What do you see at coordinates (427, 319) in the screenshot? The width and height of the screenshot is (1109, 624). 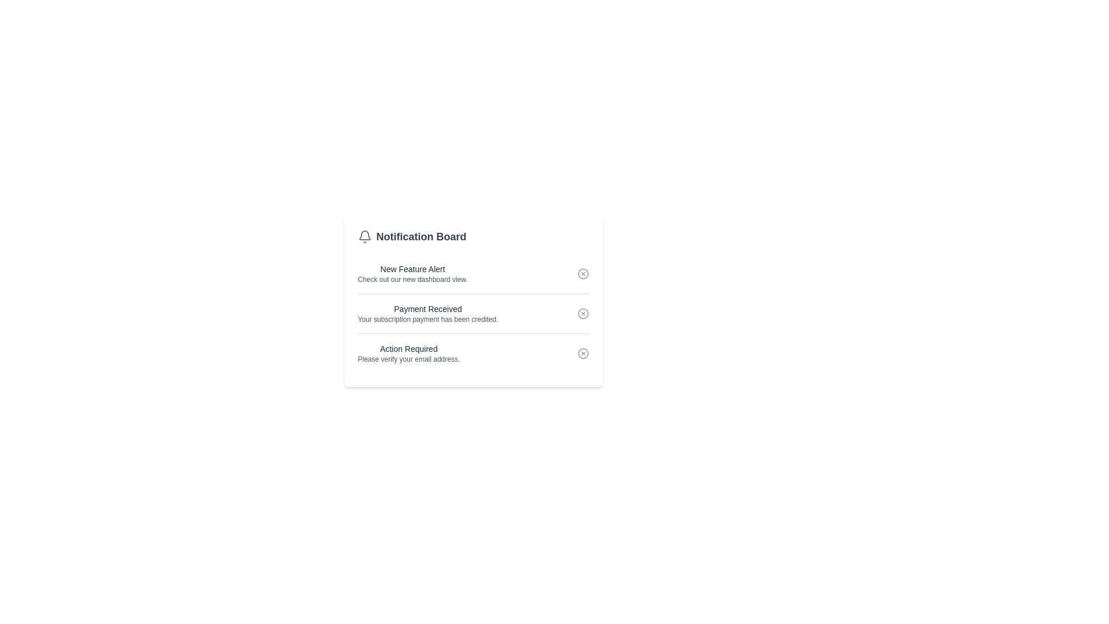 I see `the text label displaying 'Your subscription payment has been credited.' located under the header 'Payment Received.'` at bounding box center [427, 319].